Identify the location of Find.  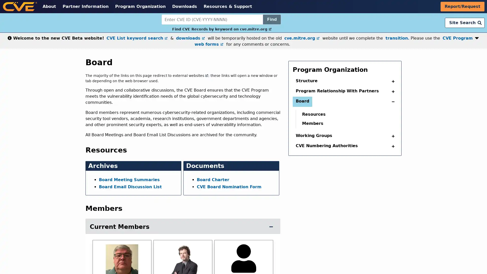
(271, 19).